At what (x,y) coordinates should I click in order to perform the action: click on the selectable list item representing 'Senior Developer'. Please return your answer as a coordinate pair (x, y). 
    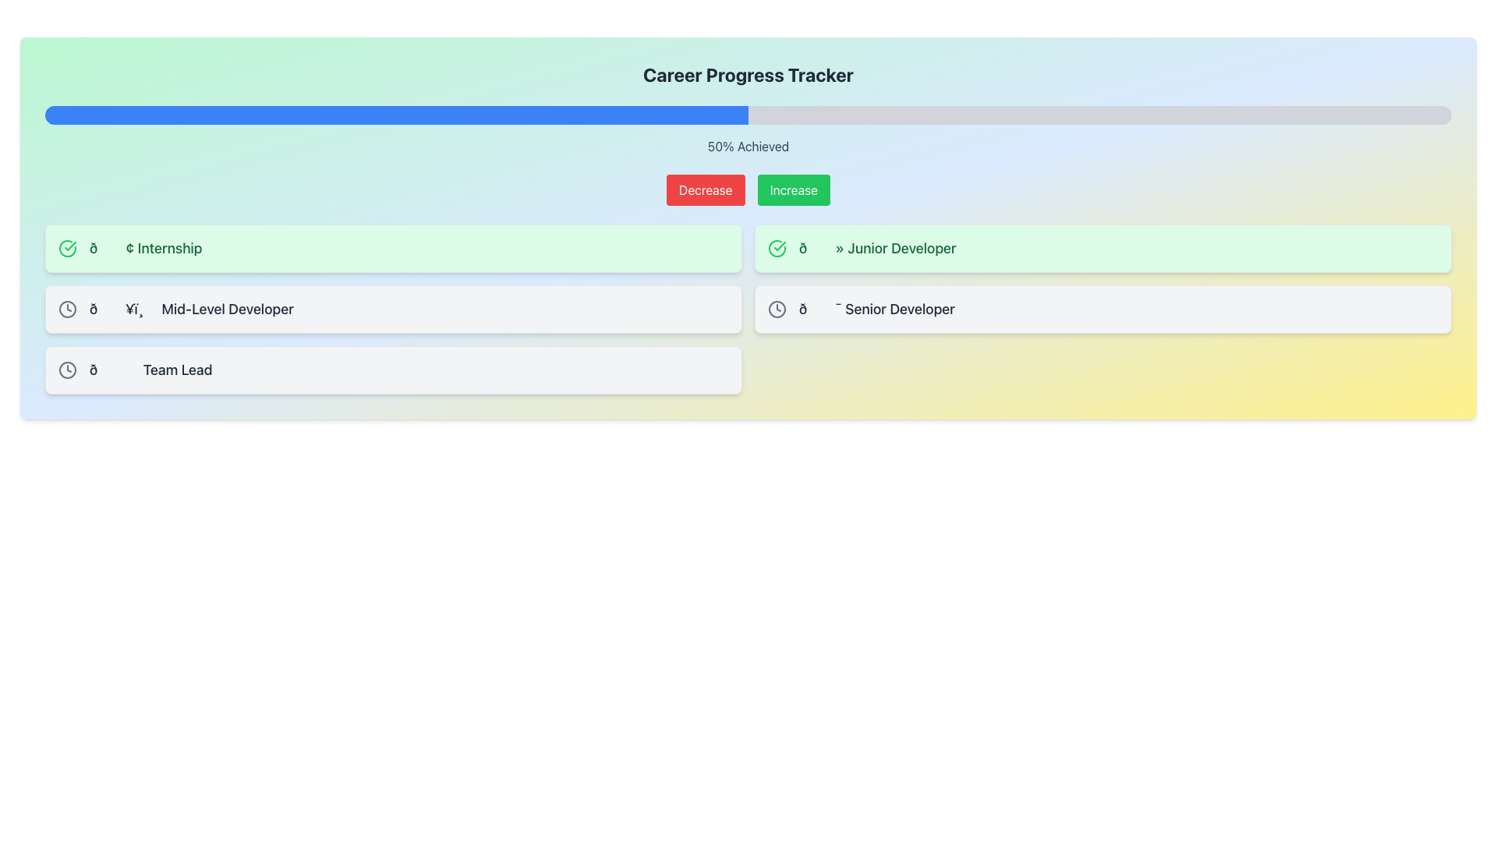
    Looking at the image, I should click on (1102, 310).